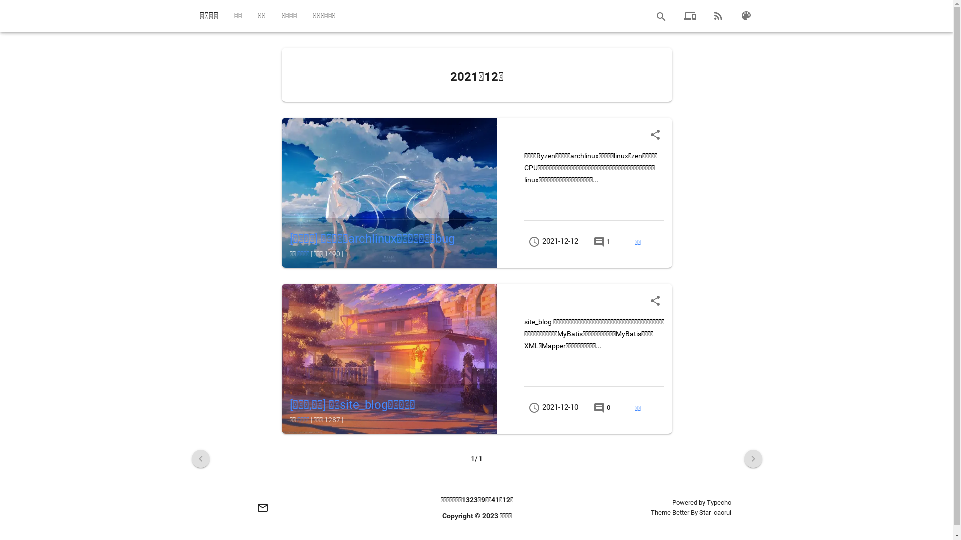 The image size is (961, 540). I want to click on 'devices', so click(689, 15).